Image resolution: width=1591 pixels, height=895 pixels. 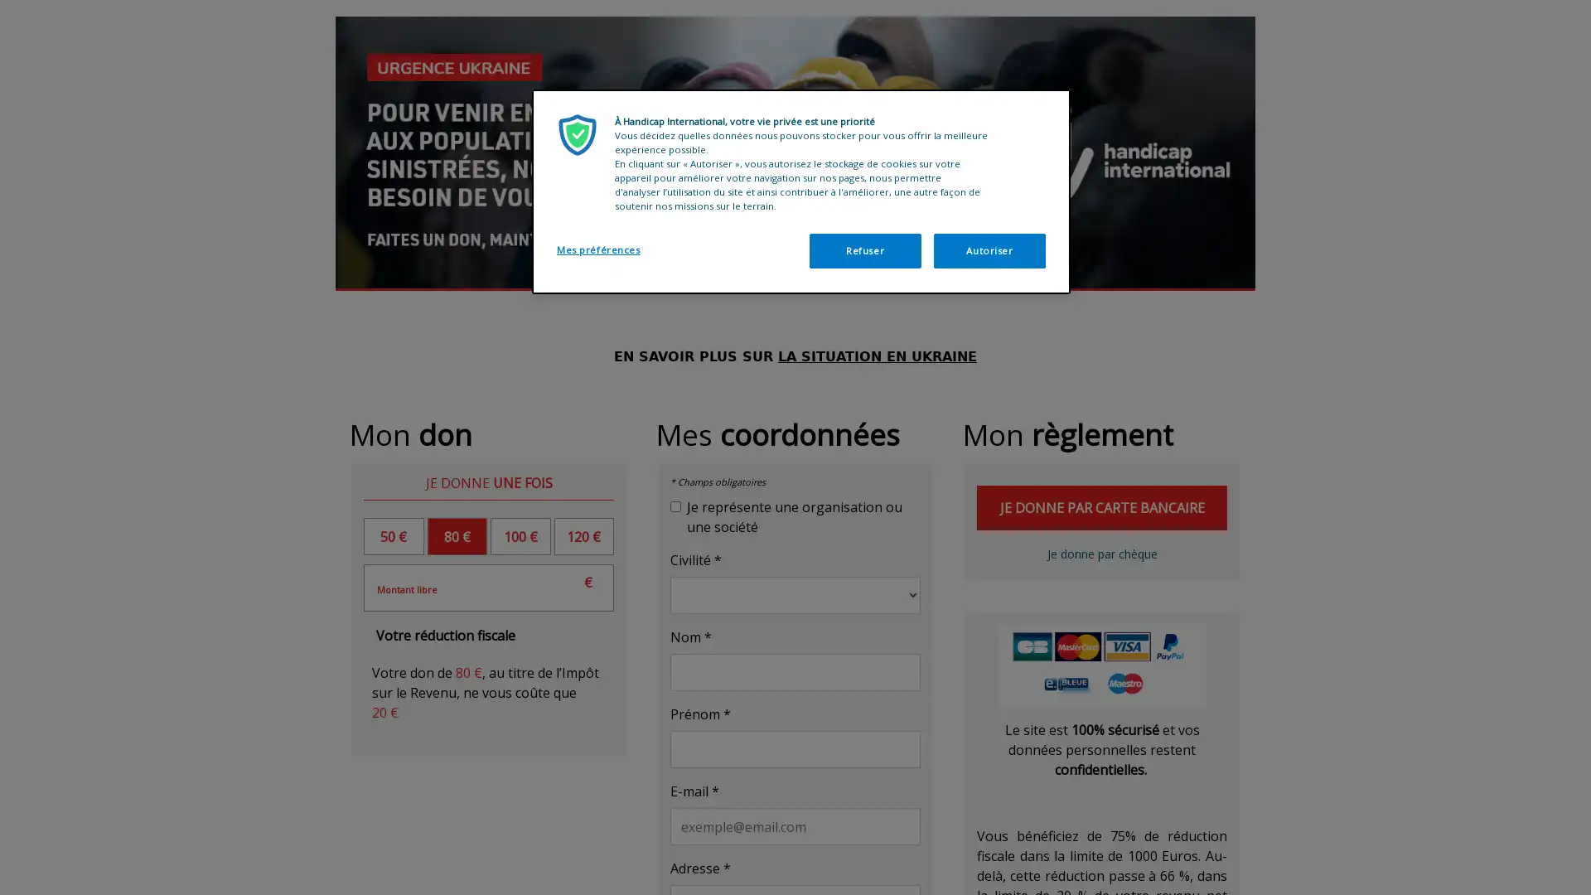 What do you see at coordinates (863, 251) in the screenshot?
I see `Refuser` at bounding box center [863, 251].